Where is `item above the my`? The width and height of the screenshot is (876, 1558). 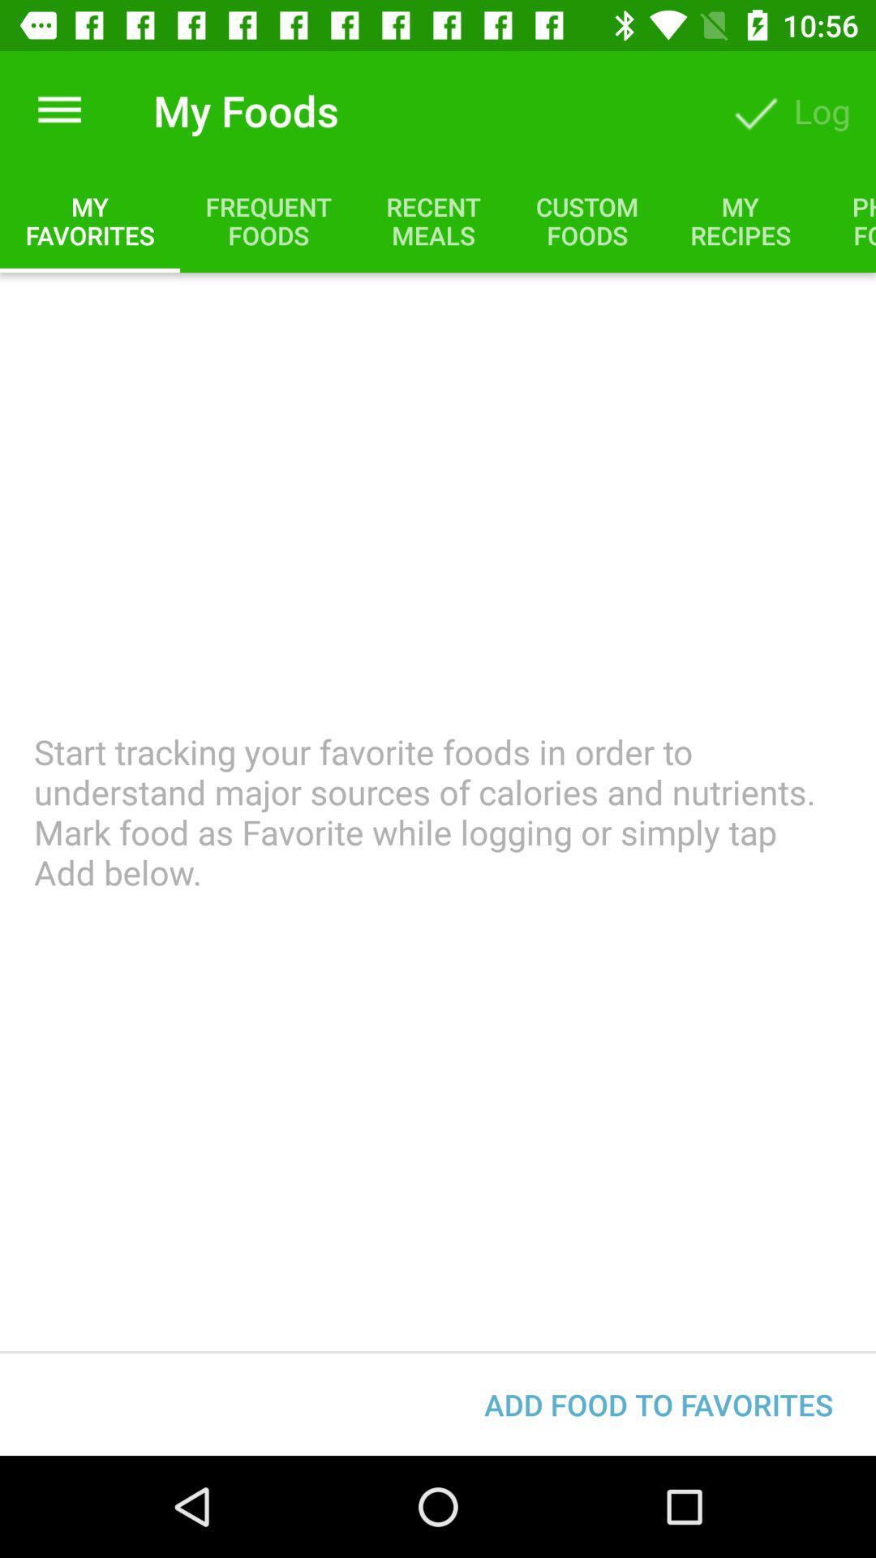
item above the my is located at coordinates (58, 110).